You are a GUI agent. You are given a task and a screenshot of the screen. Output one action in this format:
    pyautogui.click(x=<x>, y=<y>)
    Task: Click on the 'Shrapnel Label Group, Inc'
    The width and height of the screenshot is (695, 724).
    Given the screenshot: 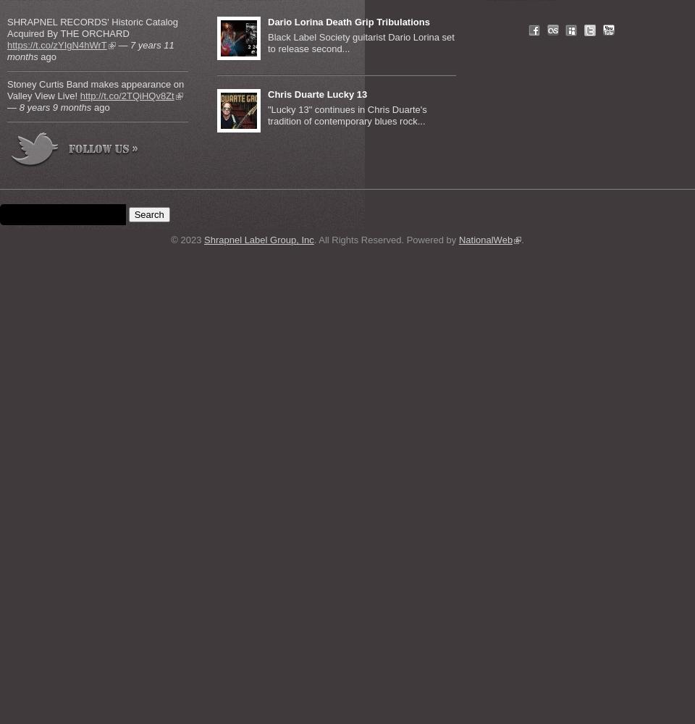 What is the action you would take?
    pyautogui.click(x=202, y=239)
    